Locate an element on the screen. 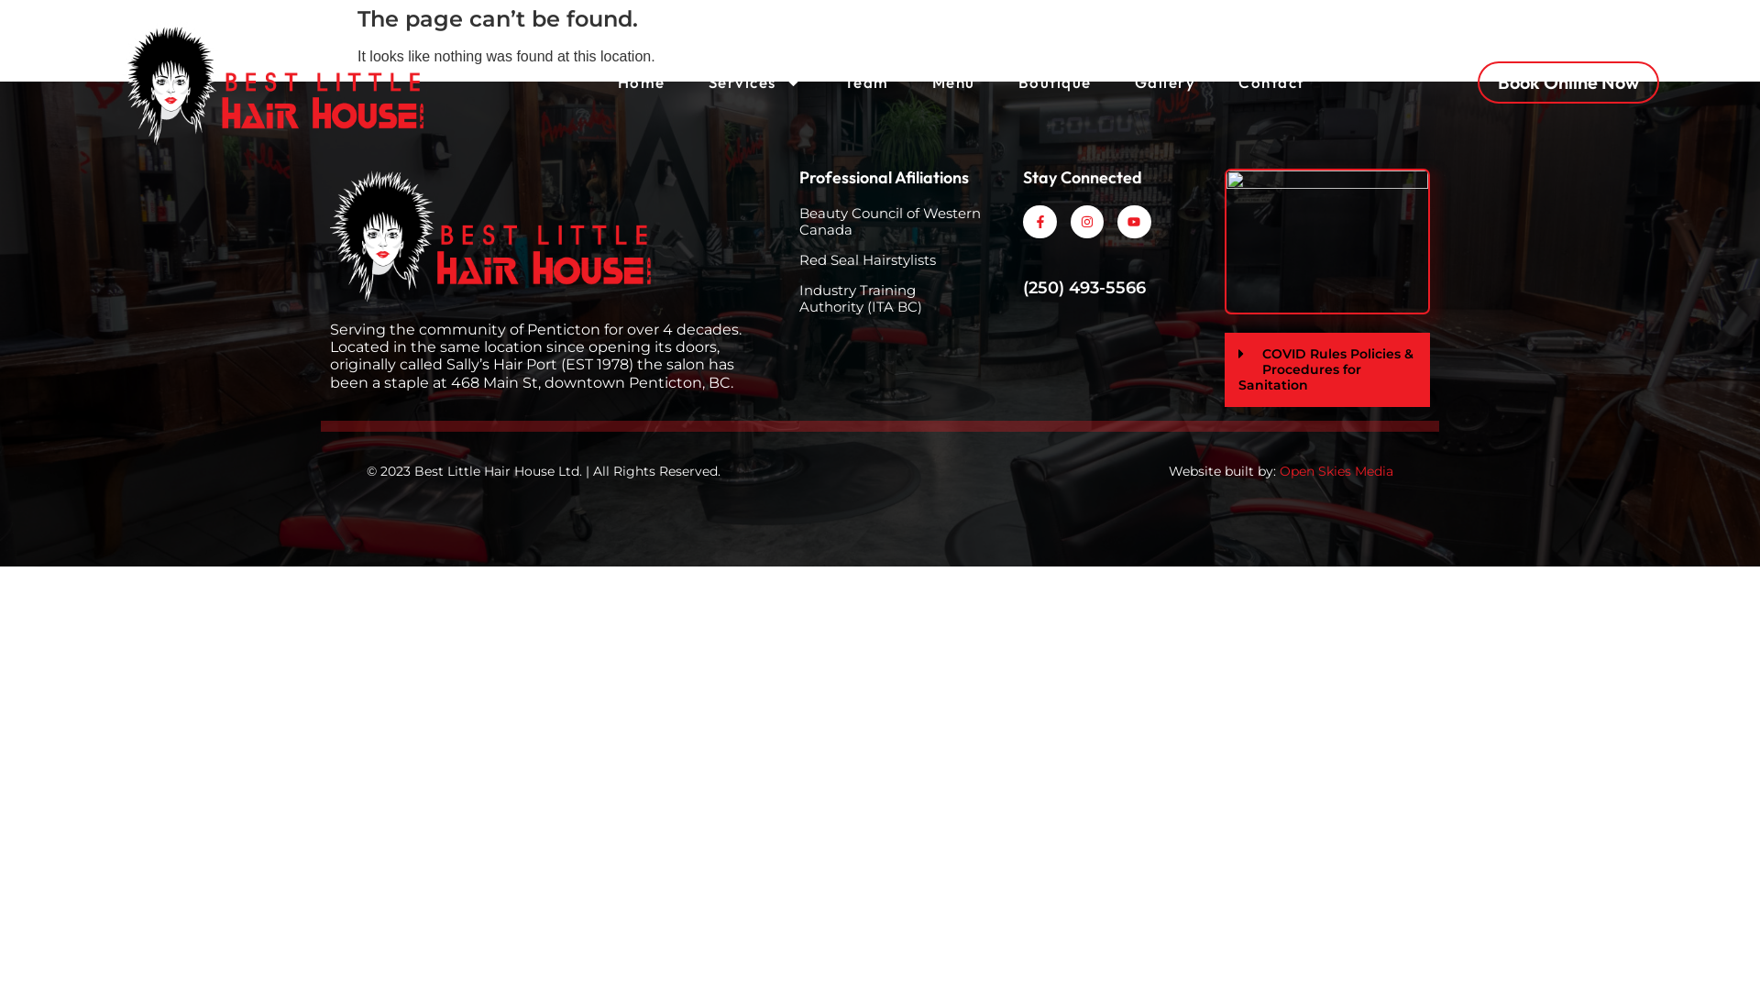  'Book Online Now' is located at coordinates (1567, 81).